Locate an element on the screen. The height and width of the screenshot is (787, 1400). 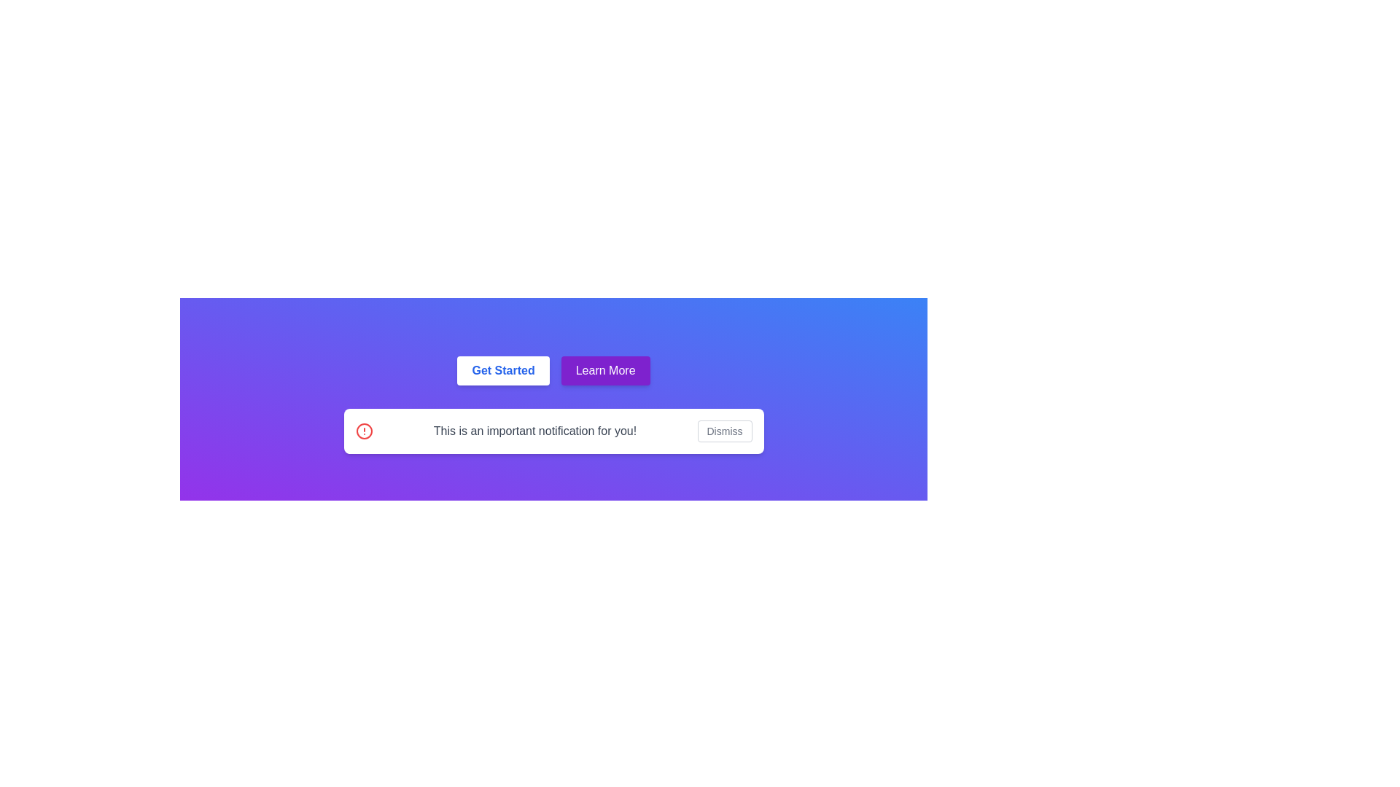
the main circular part of the red notification icon that represents an alert or notification, located to the left of the notification text is located at coordinates (364, 430).